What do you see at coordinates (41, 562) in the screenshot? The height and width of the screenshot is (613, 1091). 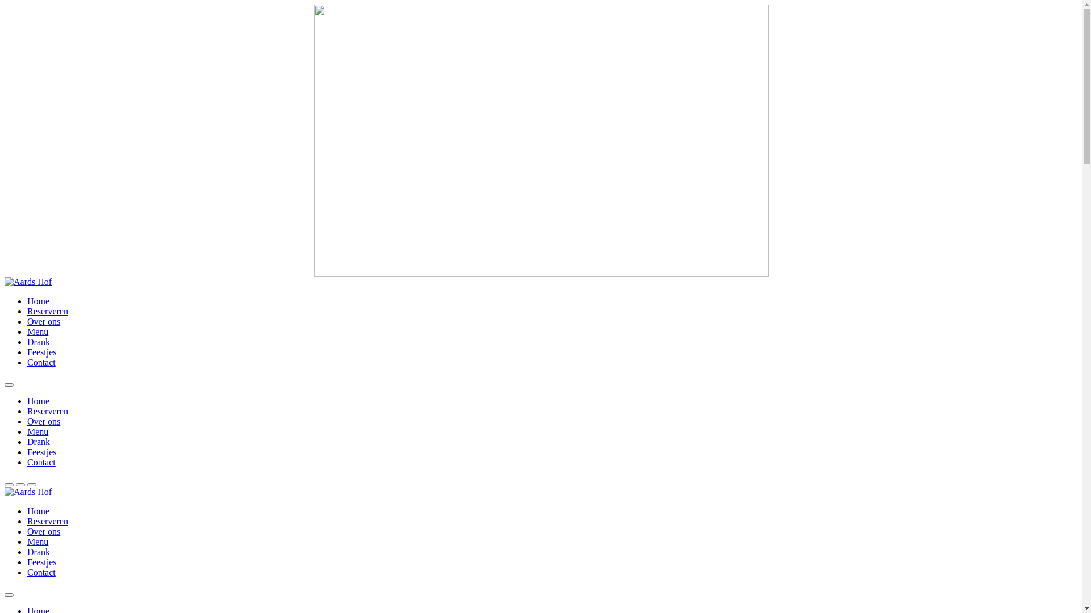 I see `'Feestjes'` at bounding box center [41, 562].